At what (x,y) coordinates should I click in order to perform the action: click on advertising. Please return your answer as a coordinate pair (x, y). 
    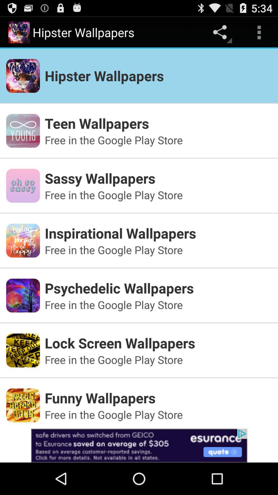
    Looking at the image, I should click on (139, 445).